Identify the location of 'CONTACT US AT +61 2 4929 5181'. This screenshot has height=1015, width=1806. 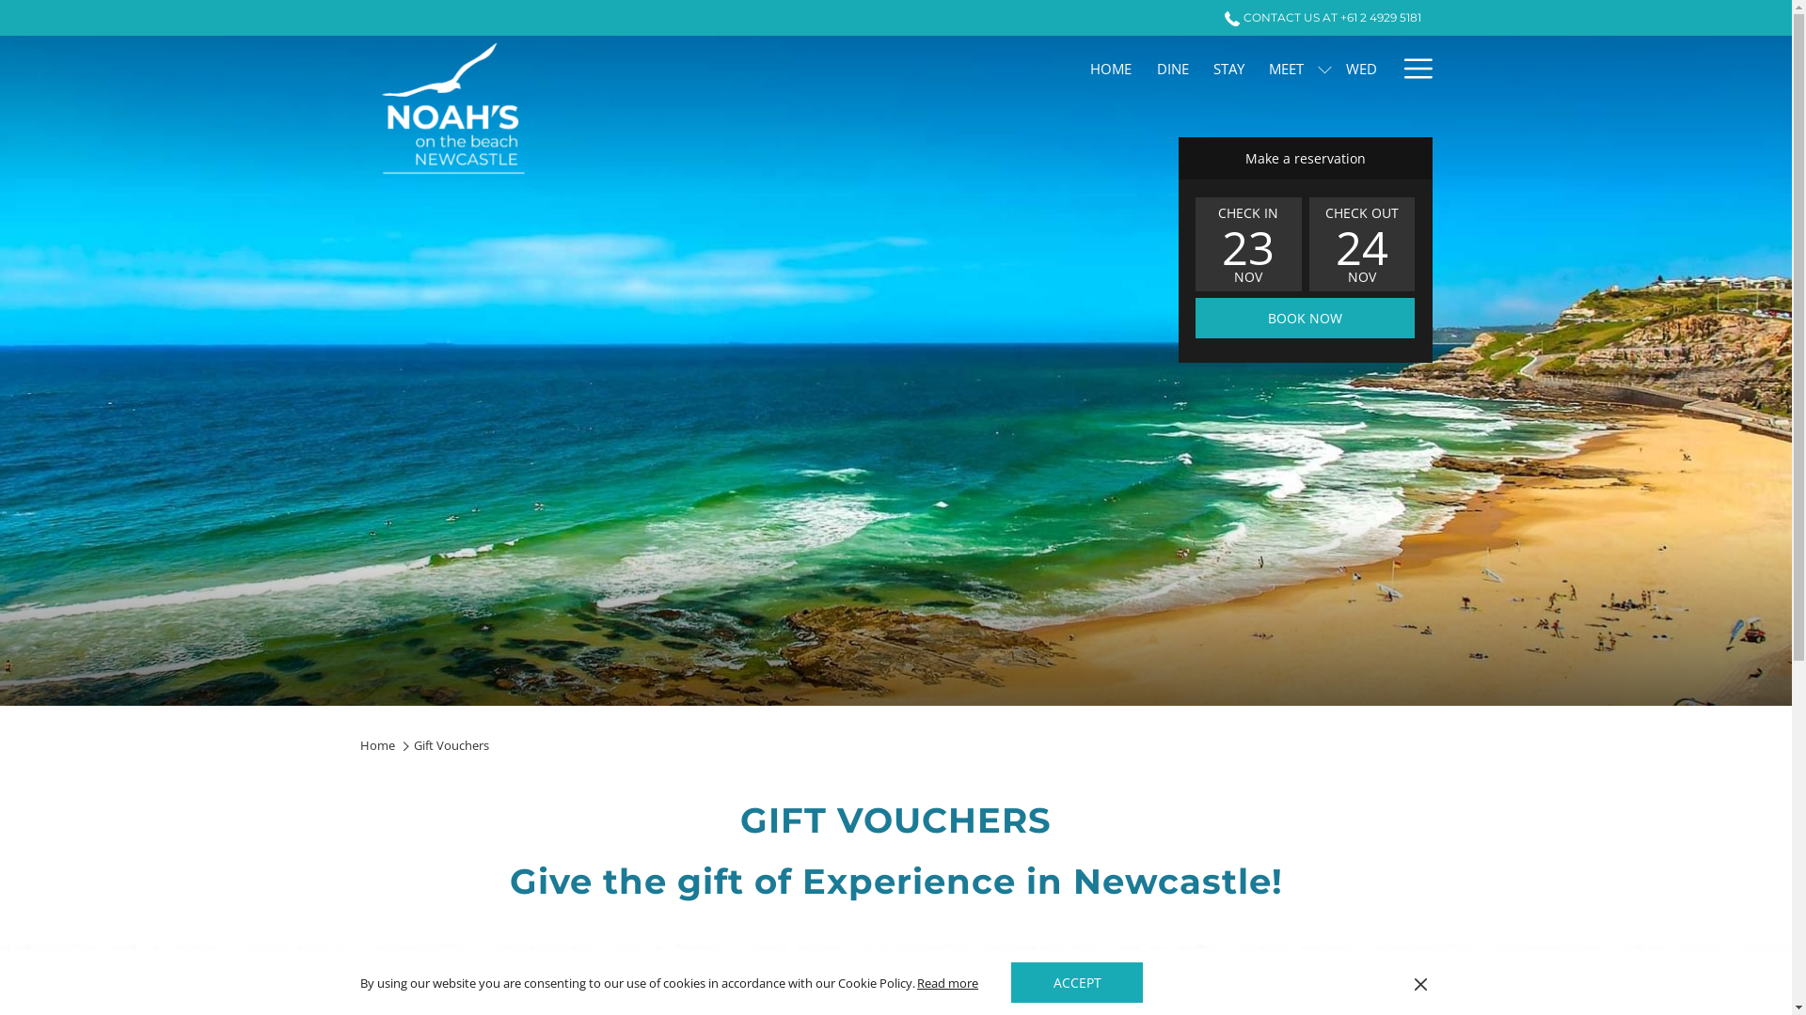
(1316, 17).